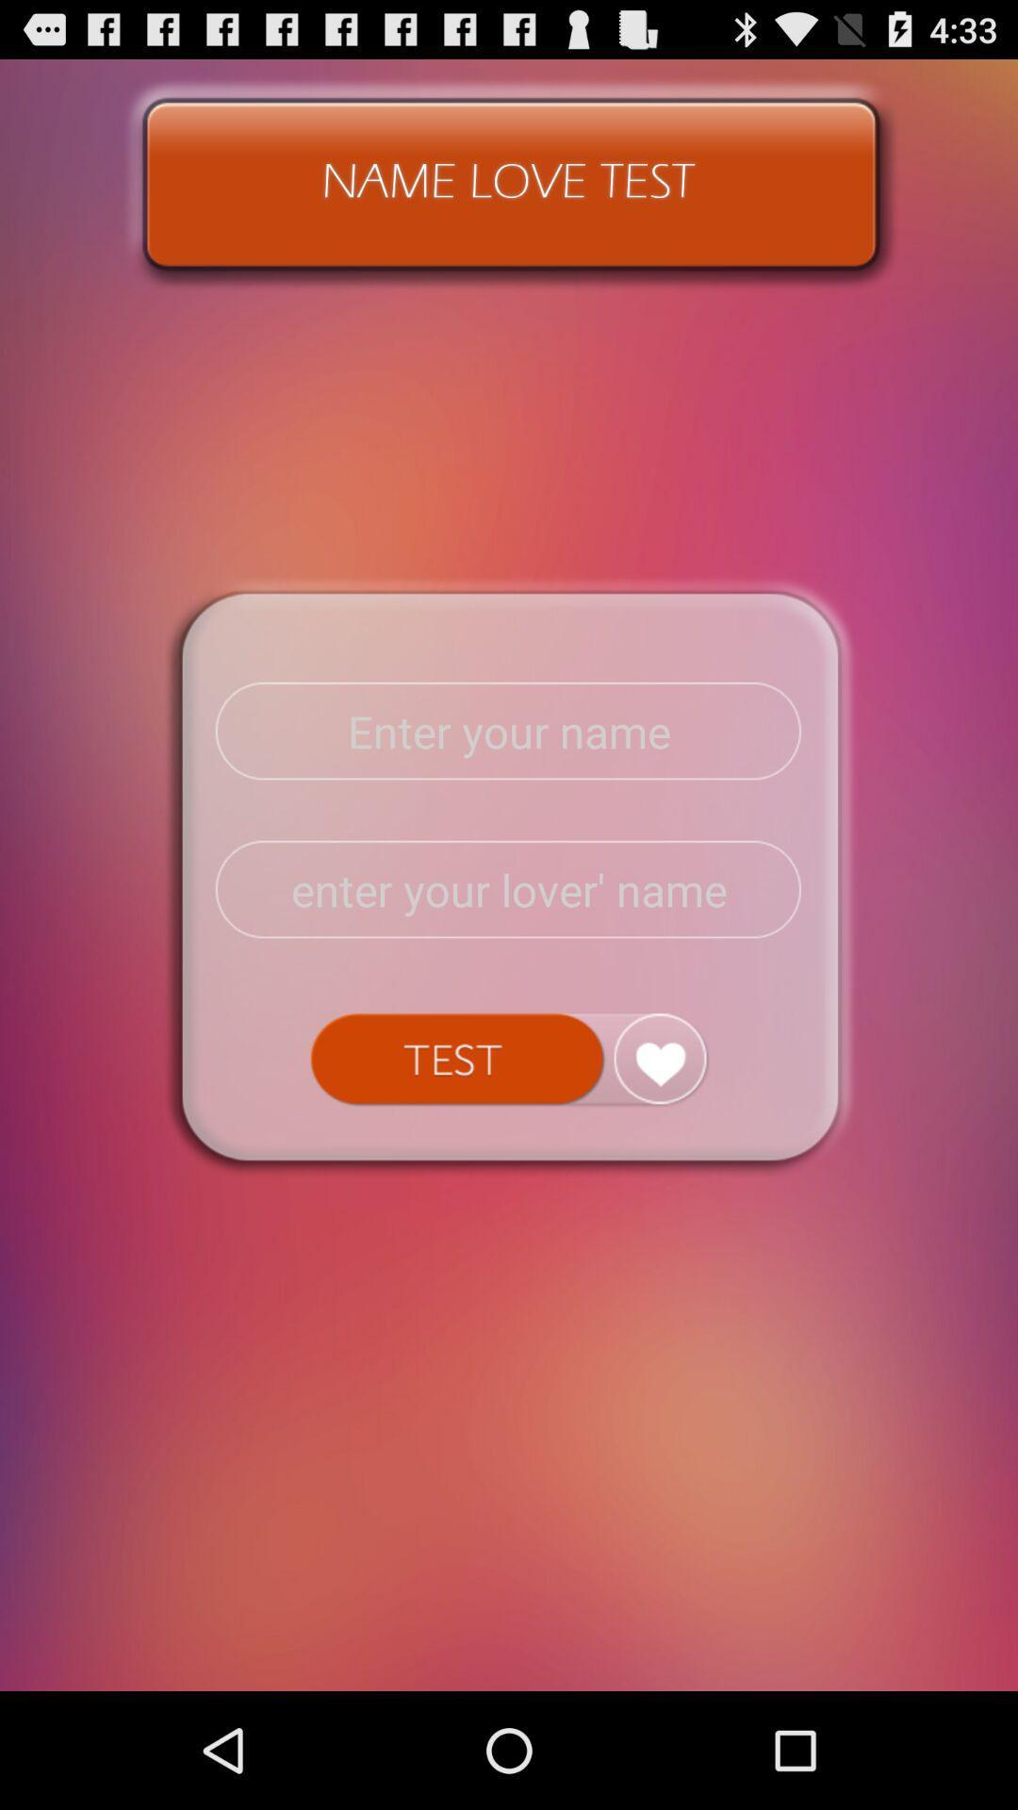  I want to click on input name, so click(509, 731).